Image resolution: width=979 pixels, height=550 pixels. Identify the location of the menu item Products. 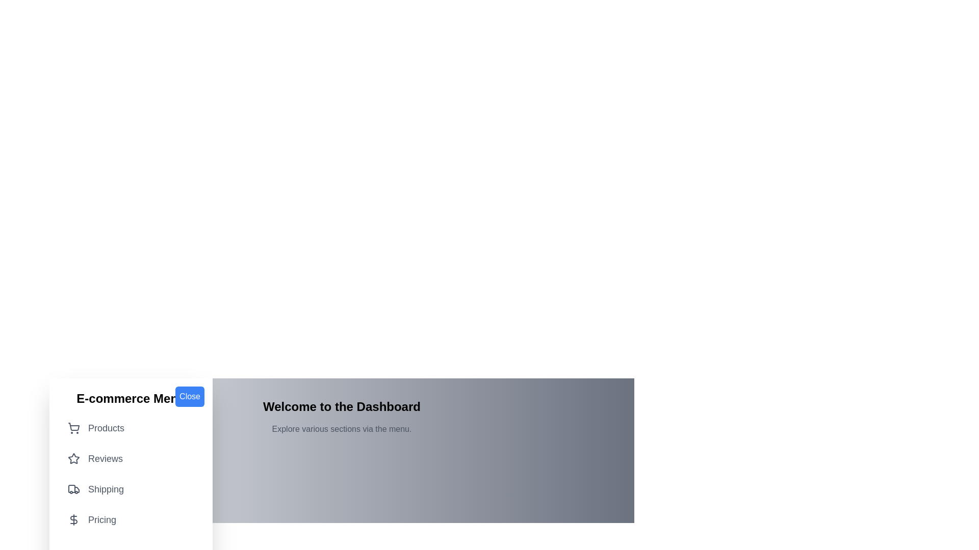
(131, 428).